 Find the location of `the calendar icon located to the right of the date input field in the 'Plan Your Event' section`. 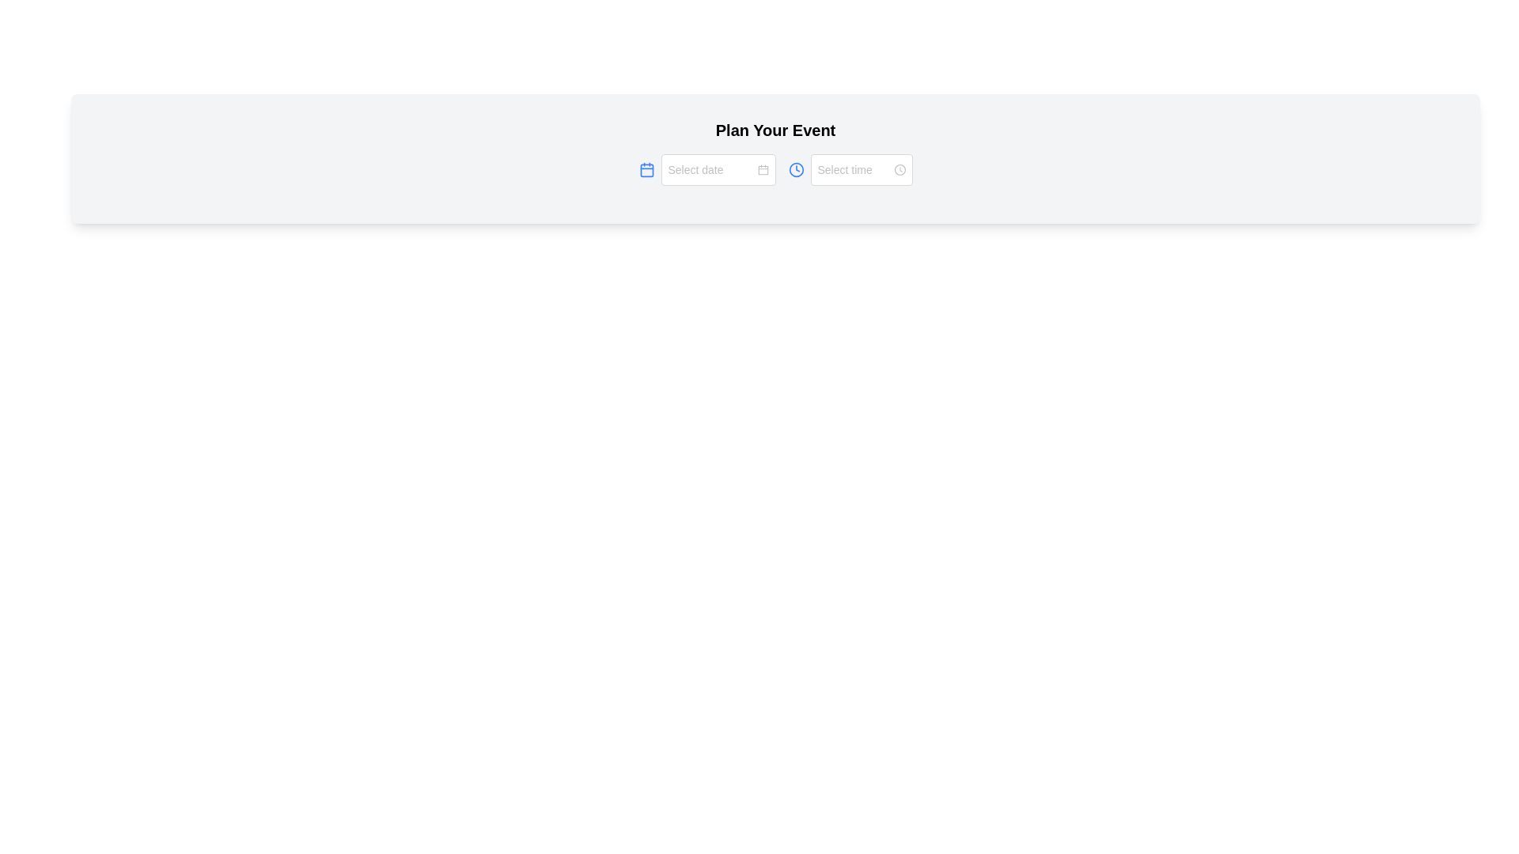

the calendar icon located to the right of the date input field in the 'Plan Your Event' section is located at coordinates (763, 170).